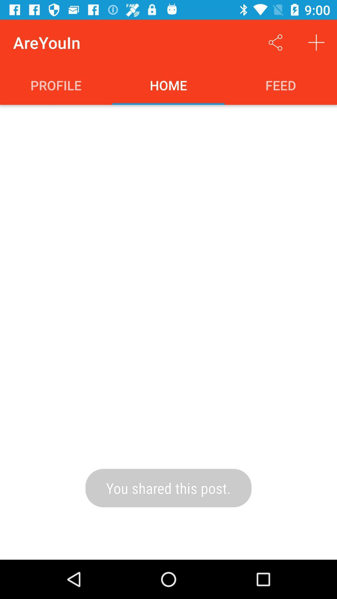 Image resolution: width=337 pixels, height=599 pixels. What do you see at coordinates (316, 42) in the screenshot?
I see `information` at bounding box center [316, 42].